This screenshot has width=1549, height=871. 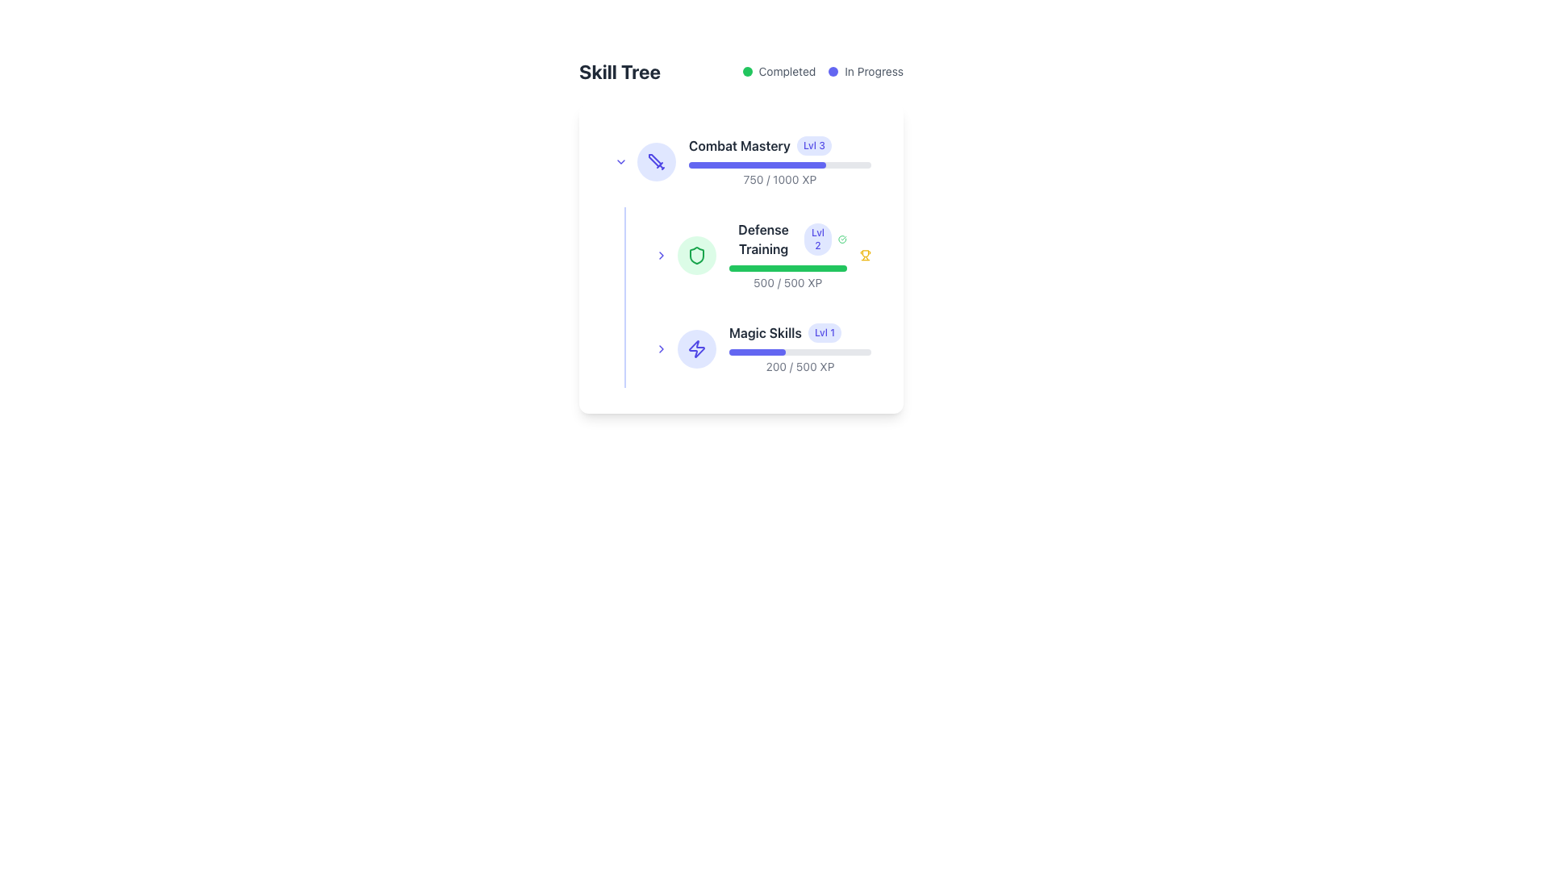 I want to click on the green shield icon associated with 'Defense Training' in the Skill Tree interface, so click(x=697, y=254).